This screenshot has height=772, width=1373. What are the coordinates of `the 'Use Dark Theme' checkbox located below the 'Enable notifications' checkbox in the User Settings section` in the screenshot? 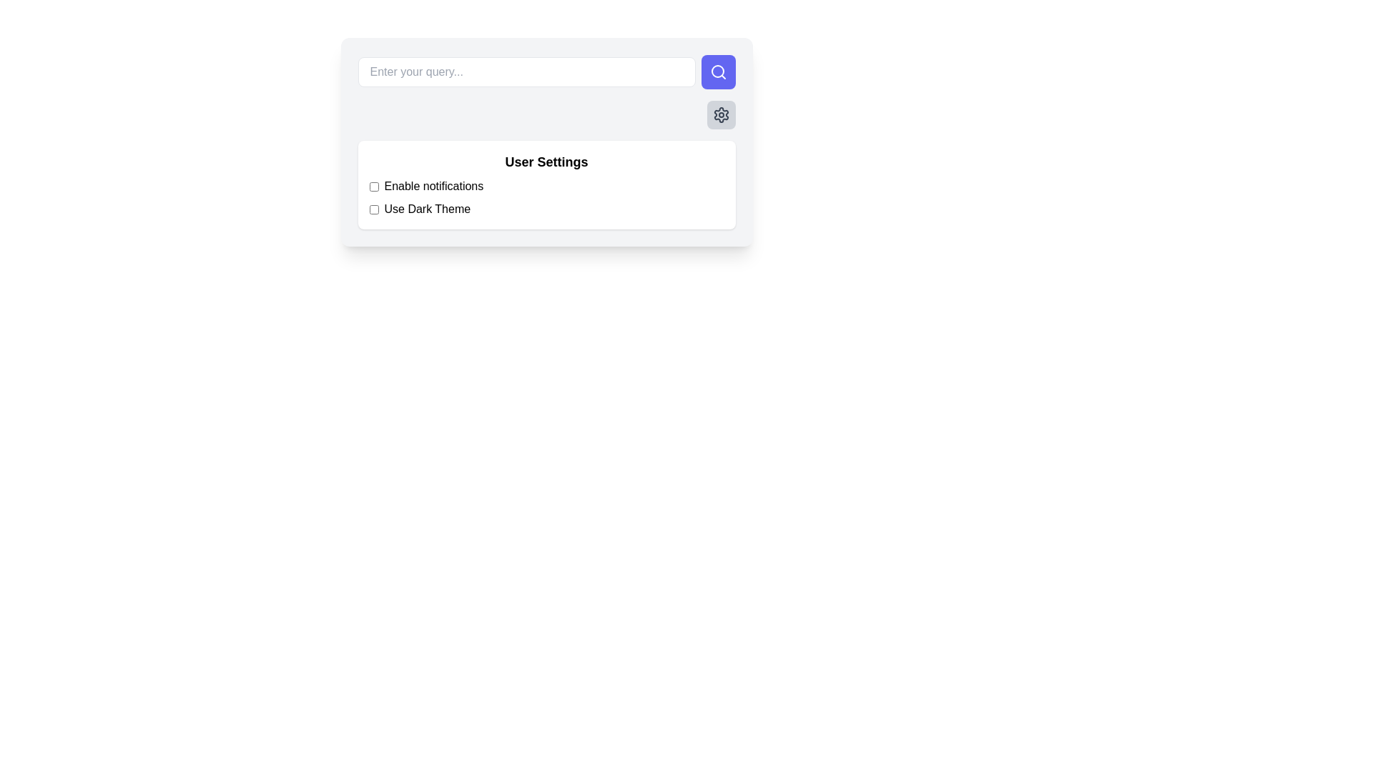 It's located at (374, 209).